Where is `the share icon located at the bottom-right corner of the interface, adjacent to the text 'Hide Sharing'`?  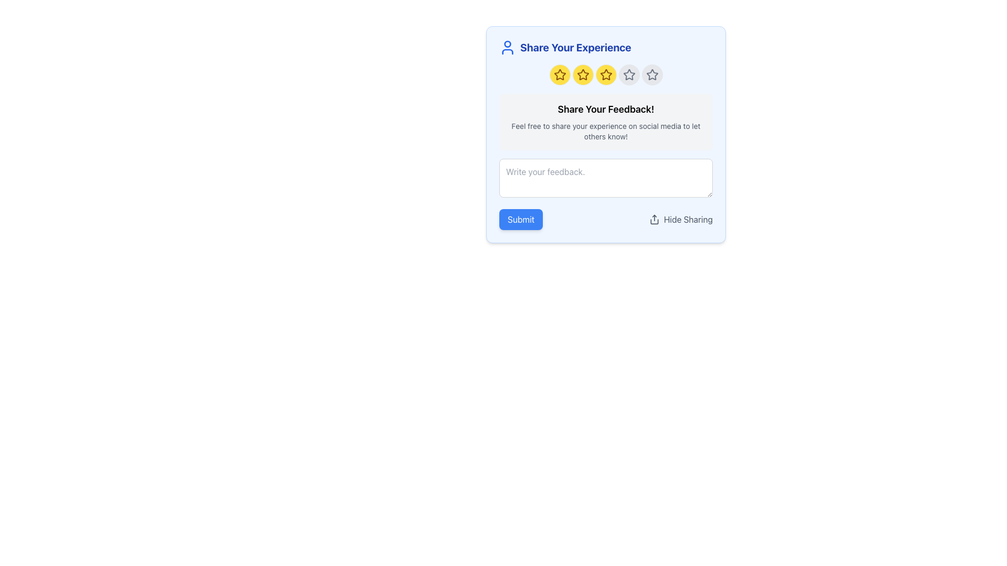 the share icon located at the bottom-right corner of the interface, adjacent to the text 'Hide Sharing' is located at coordinates (654, 219).